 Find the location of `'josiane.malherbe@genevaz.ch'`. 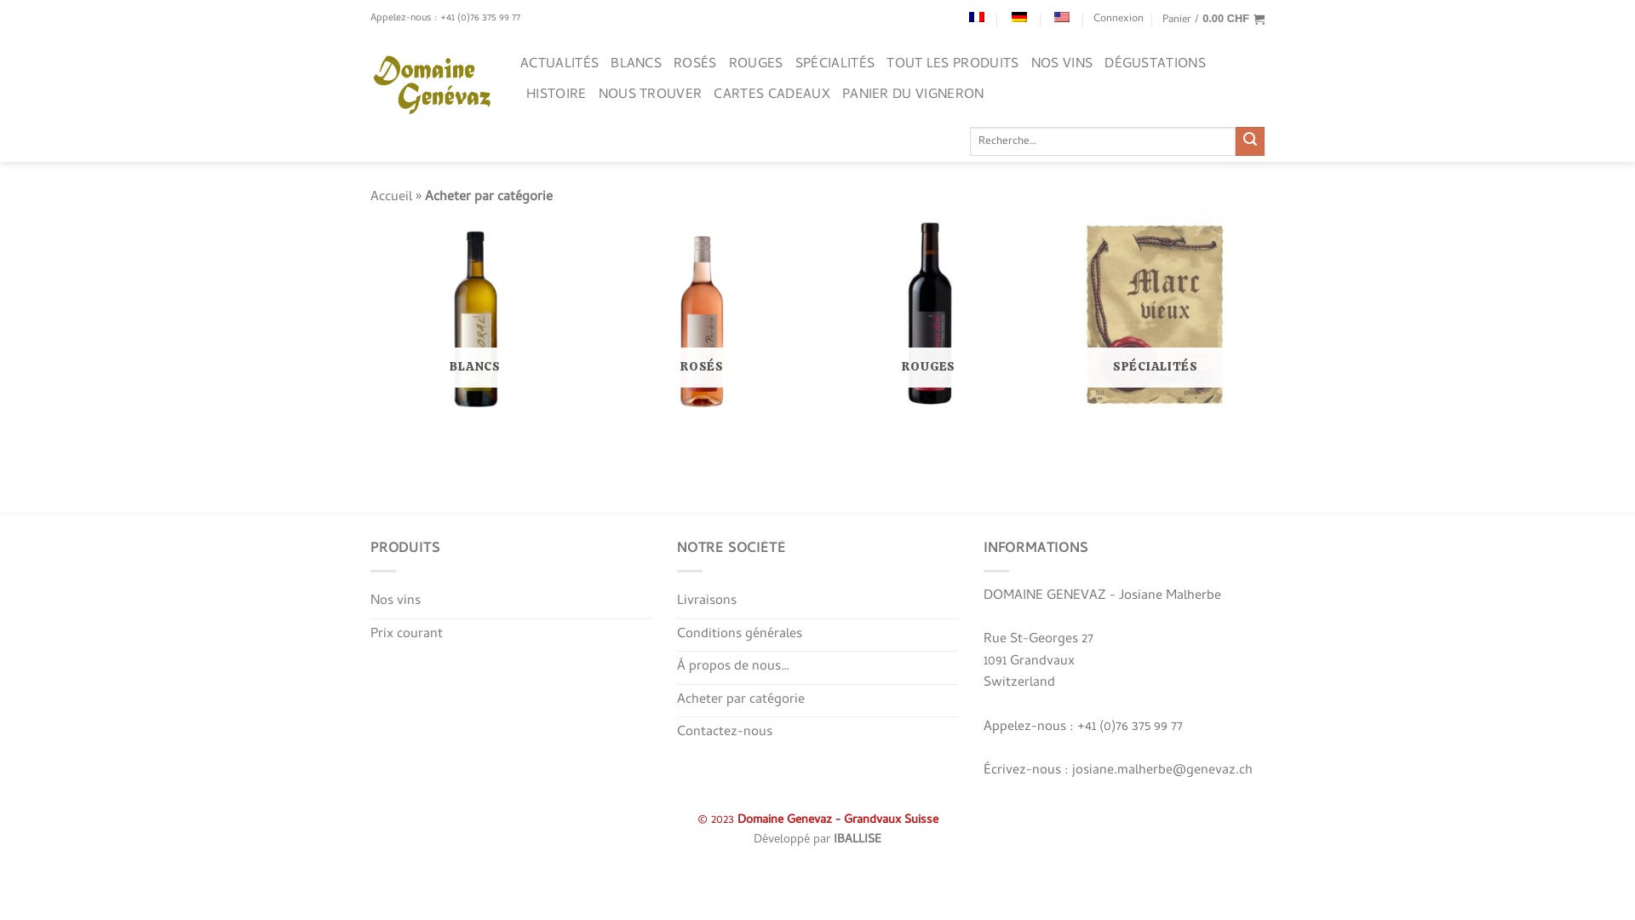

'josiane.malherbe@genevaz.ch' is located at coordinates (1161, 771).